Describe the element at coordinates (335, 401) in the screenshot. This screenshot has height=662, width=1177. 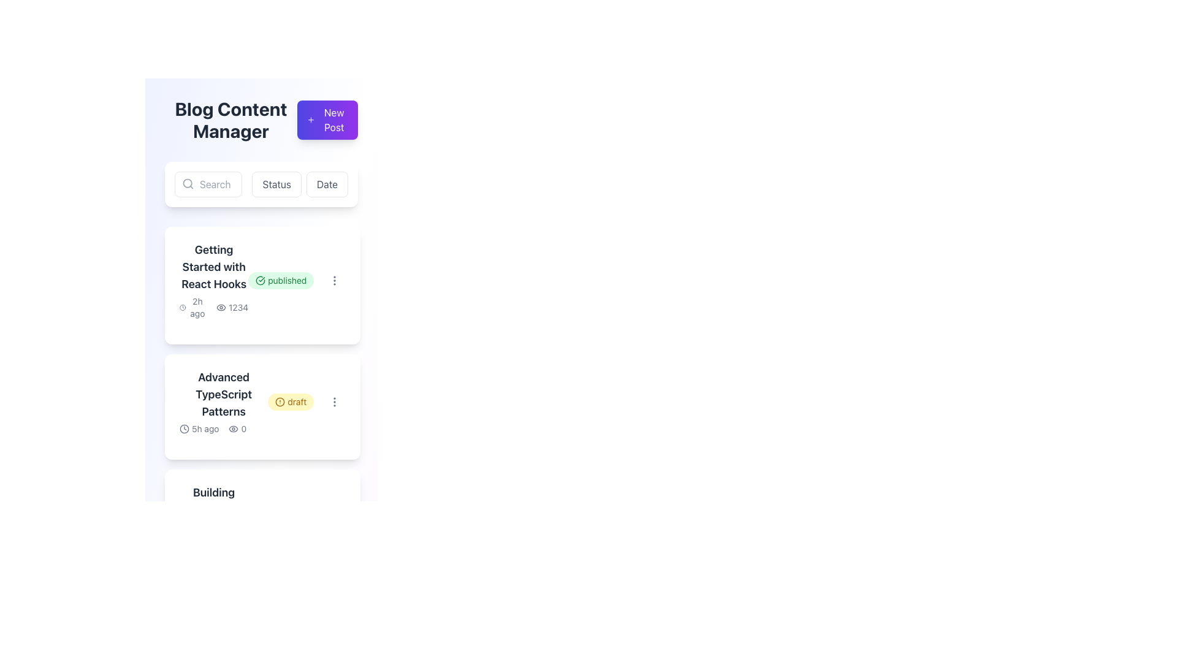
I see `the button in the top-right corner of the 'Advanced TypeScript Patterns' card` at that location.